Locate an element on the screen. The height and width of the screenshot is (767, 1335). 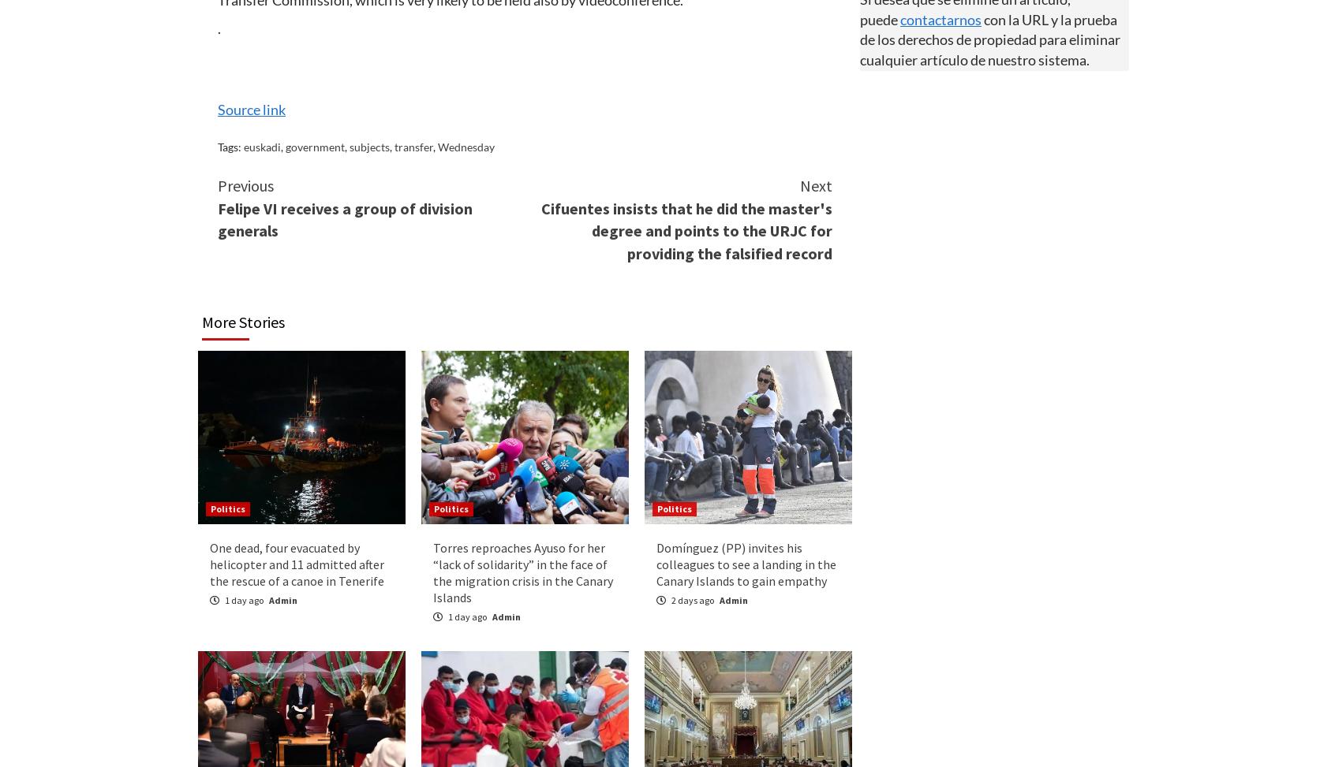
'con la URL y la prueba de los derechos de propiedad para eliminar cualquier artículo de nuestro sistema.' is located at coordinates (989, 39).